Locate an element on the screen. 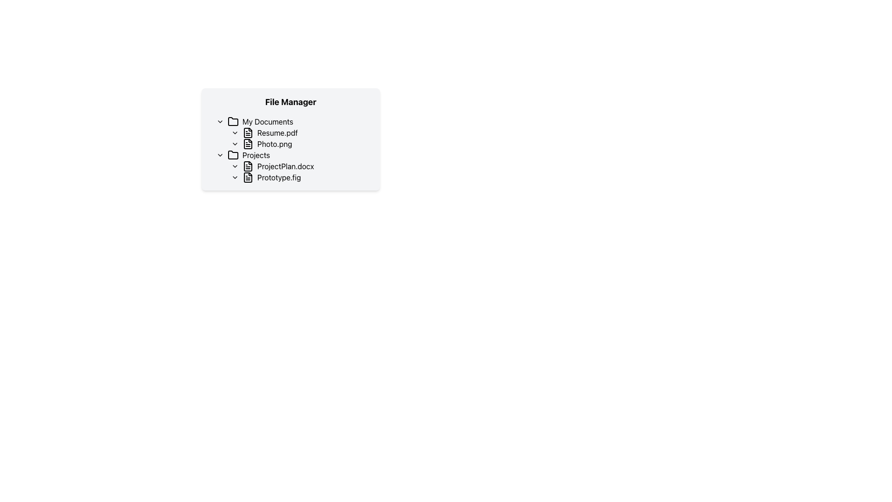  the icon resembling a paper document with lines indicating text, which is positioned to the left of the label 'Photo.png' in the 'My Documents' folder is located at coordinates (248, 144).